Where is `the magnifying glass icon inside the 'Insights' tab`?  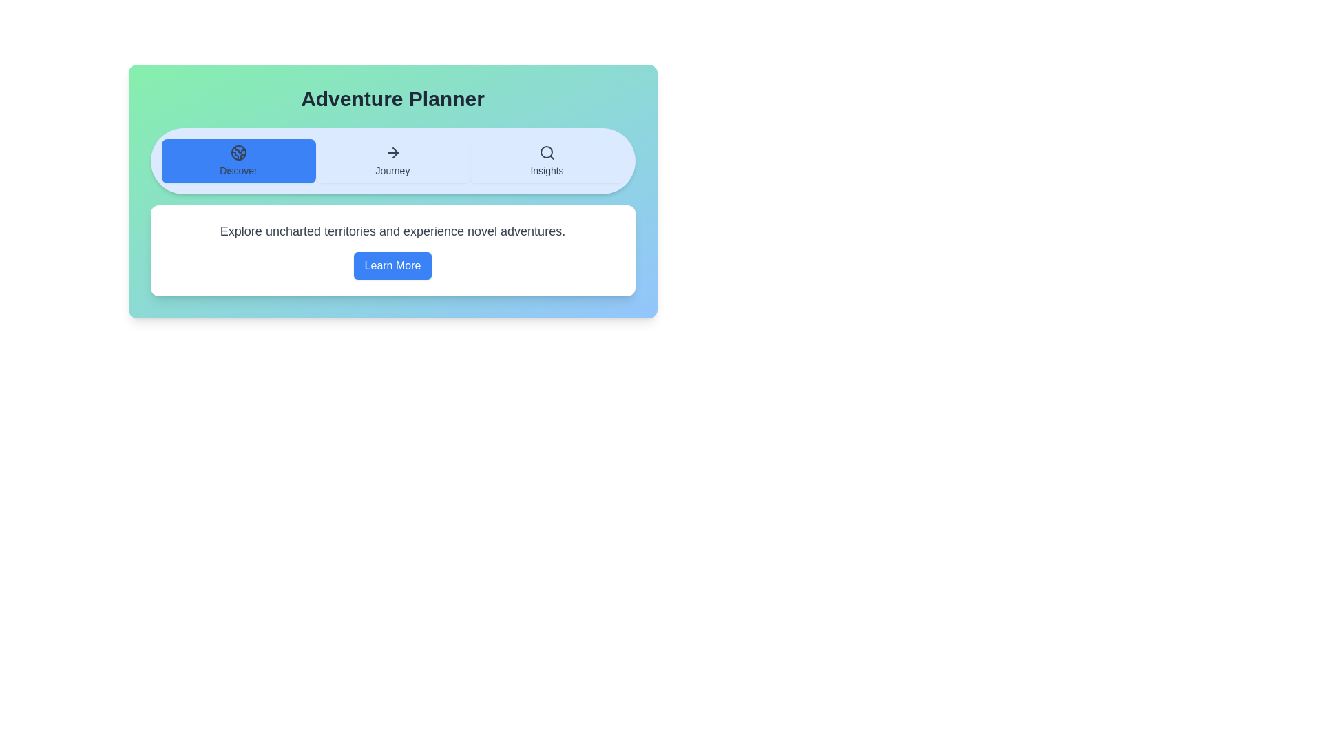
the magnifying glass icon inside the 'Insights' tab is located at coordinates (546, 153).